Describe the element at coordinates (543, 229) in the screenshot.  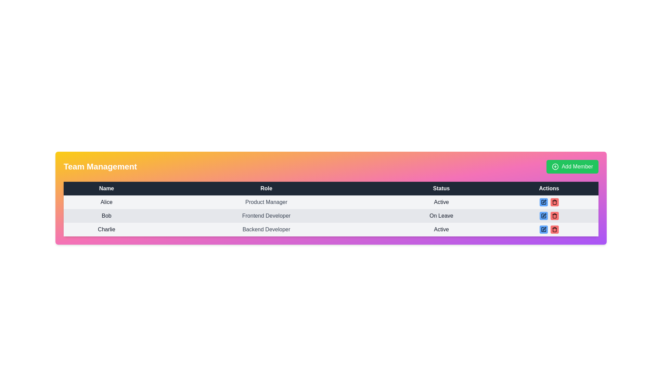
I see `the edit button located in the 'Actions' column of the last row for 'Charlie' to initiate editing` at that location.